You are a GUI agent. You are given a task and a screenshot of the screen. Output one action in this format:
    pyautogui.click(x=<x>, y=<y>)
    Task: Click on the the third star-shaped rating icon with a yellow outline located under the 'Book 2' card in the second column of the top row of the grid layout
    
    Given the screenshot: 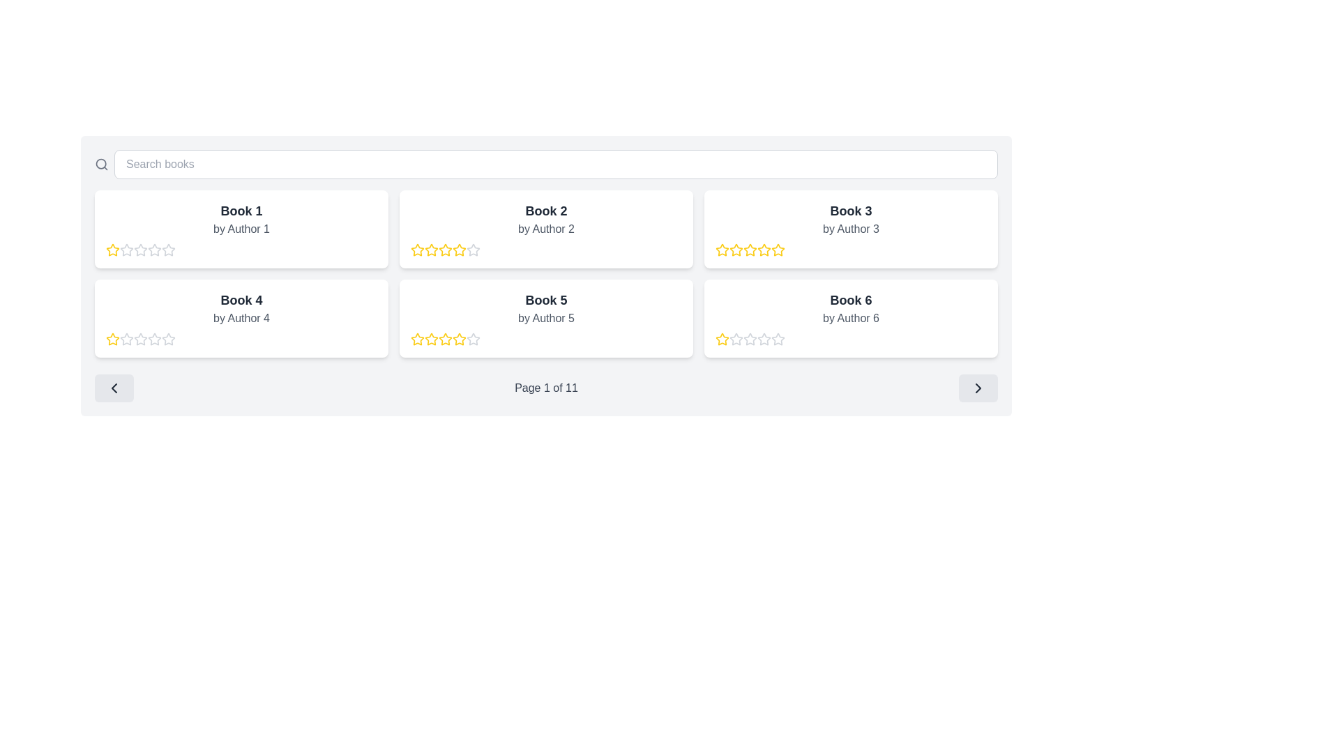 What is the action you would take?
    pyautogui.click(x=444, y=249)
    